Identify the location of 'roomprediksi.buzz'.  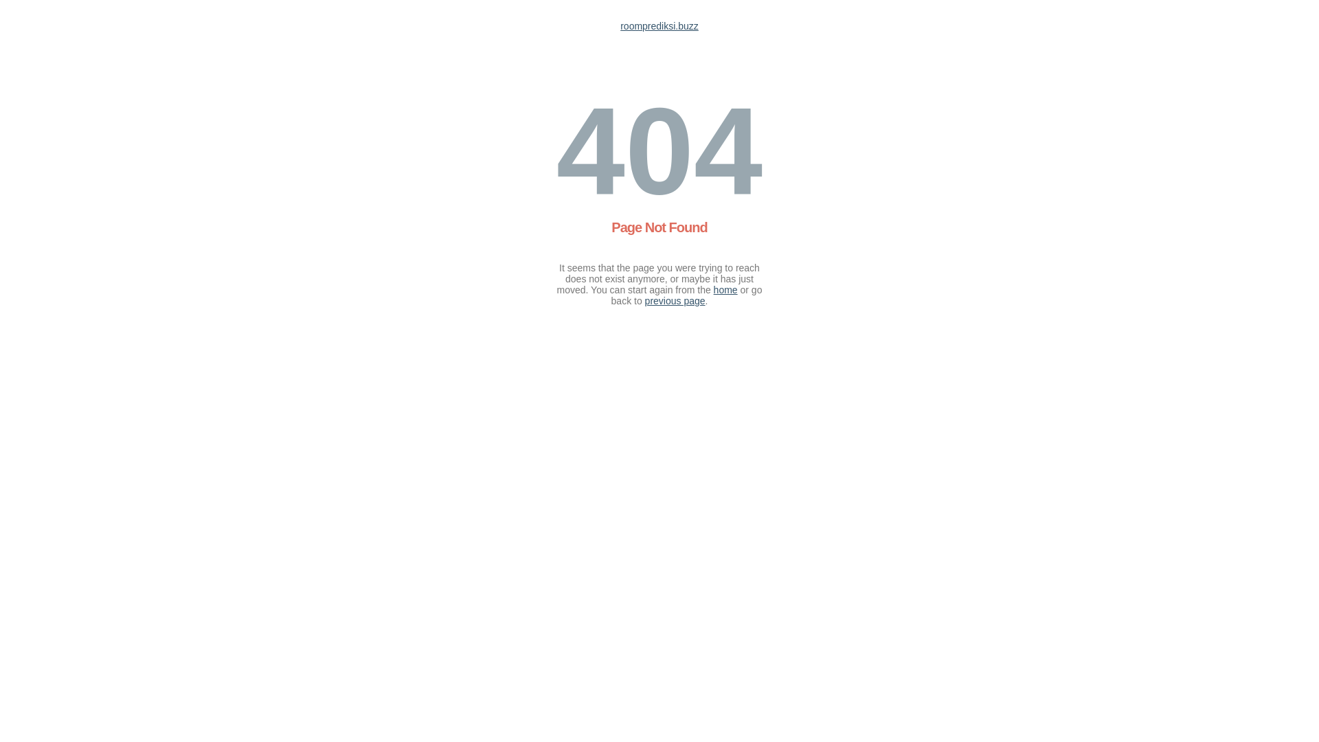
(659, 26).